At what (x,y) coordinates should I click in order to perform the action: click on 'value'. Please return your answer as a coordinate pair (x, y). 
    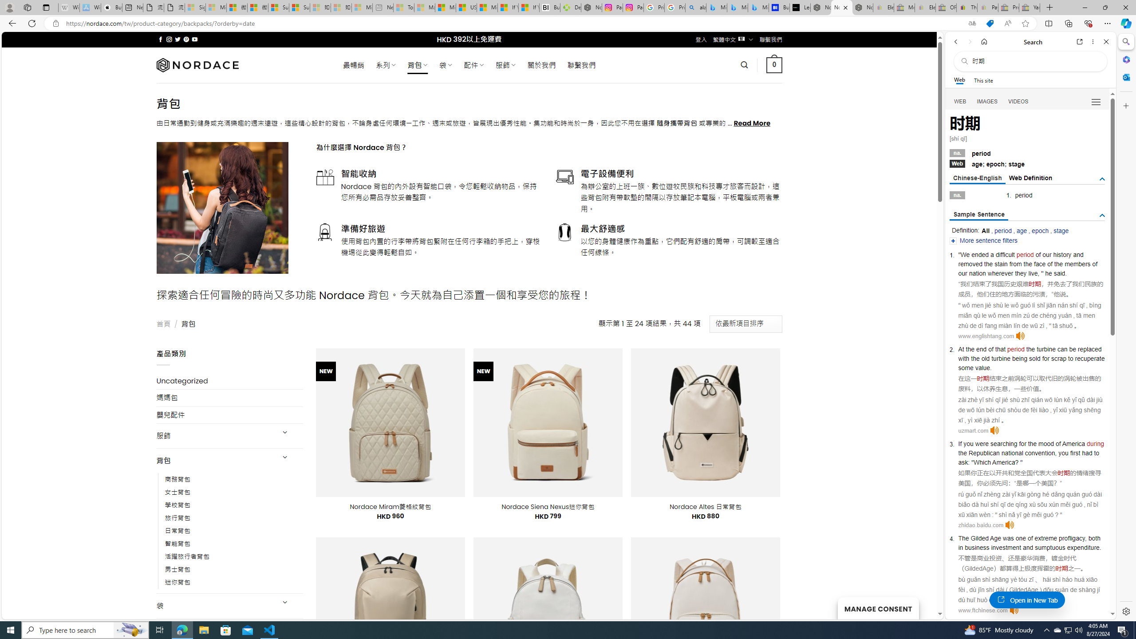
    Looking at the image, I should click on (982, 367).